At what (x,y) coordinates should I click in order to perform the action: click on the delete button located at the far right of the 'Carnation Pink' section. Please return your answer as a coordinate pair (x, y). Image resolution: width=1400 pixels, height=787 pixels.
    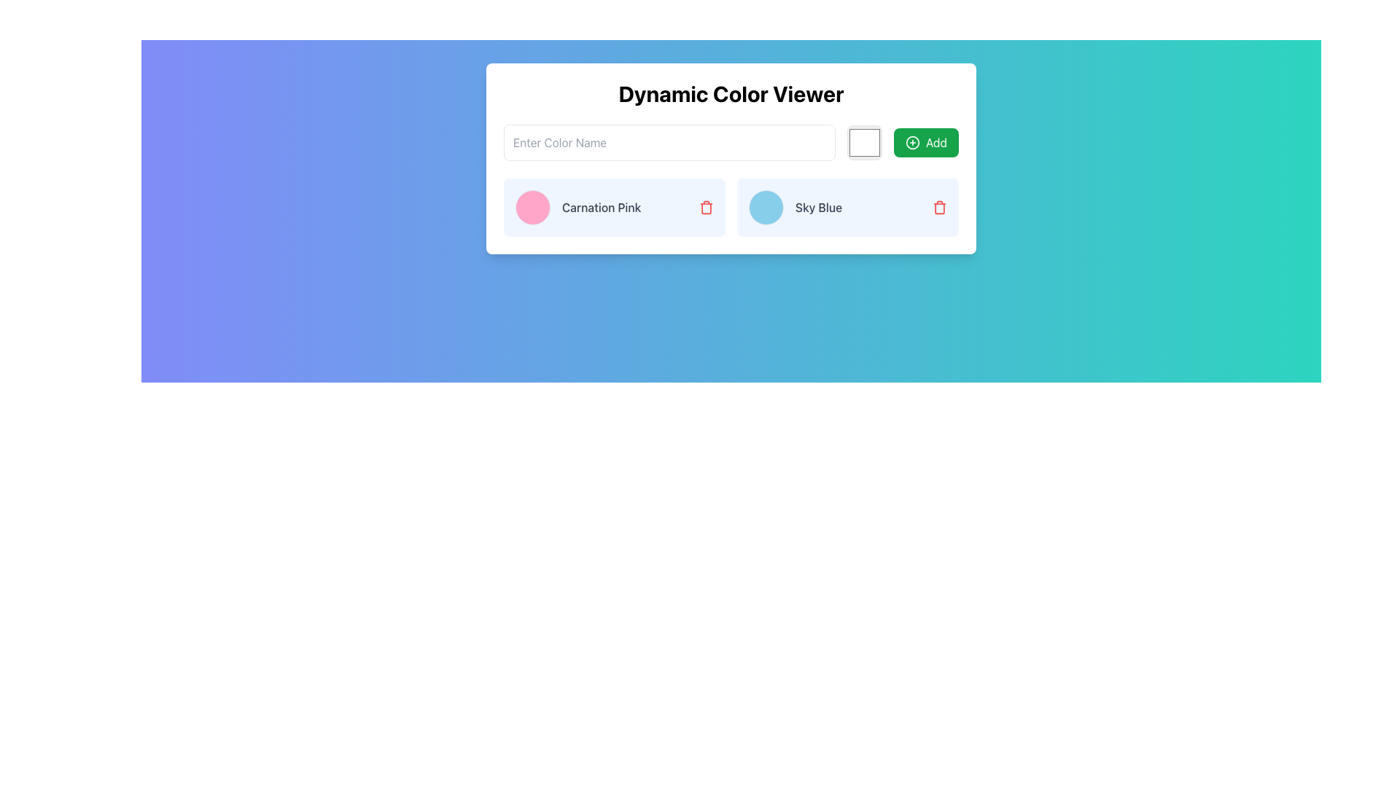
    Looking at the image, I should click on (707, 208).